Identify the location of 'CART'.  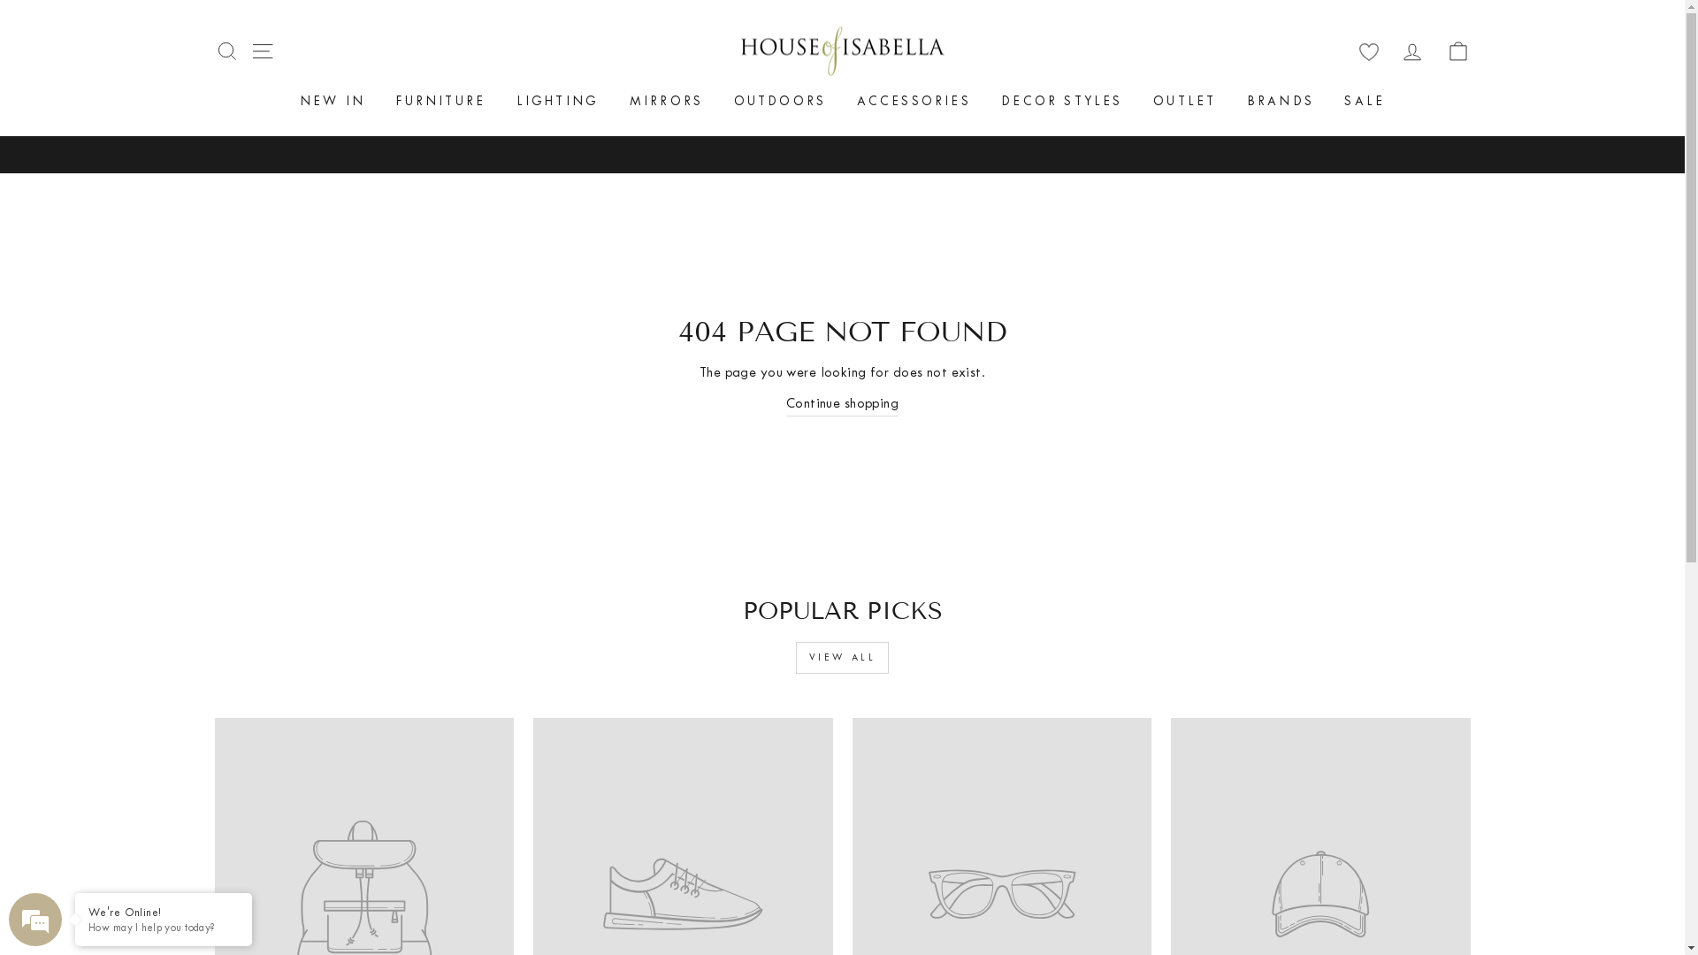
(1434, 50).